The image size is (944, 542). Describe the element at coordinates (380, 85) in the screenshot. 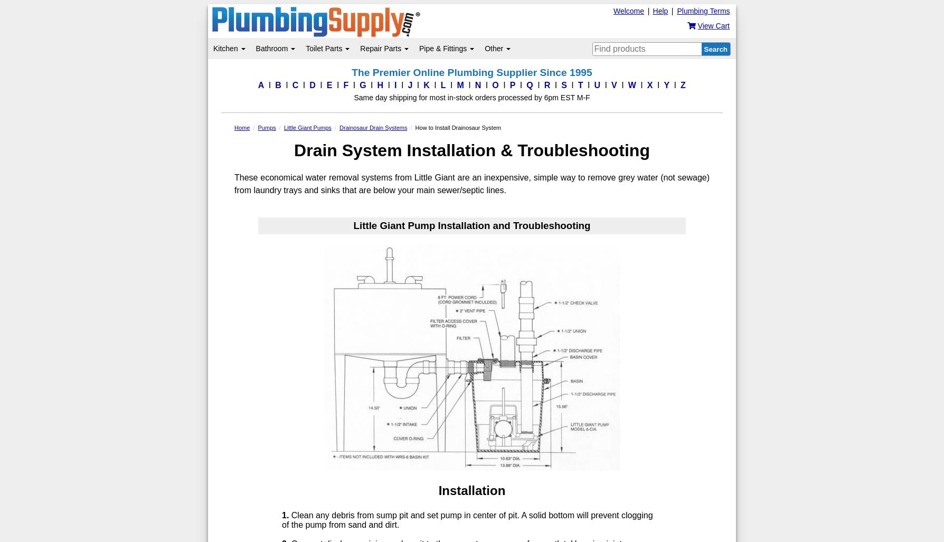

I see `'H'` at that location.